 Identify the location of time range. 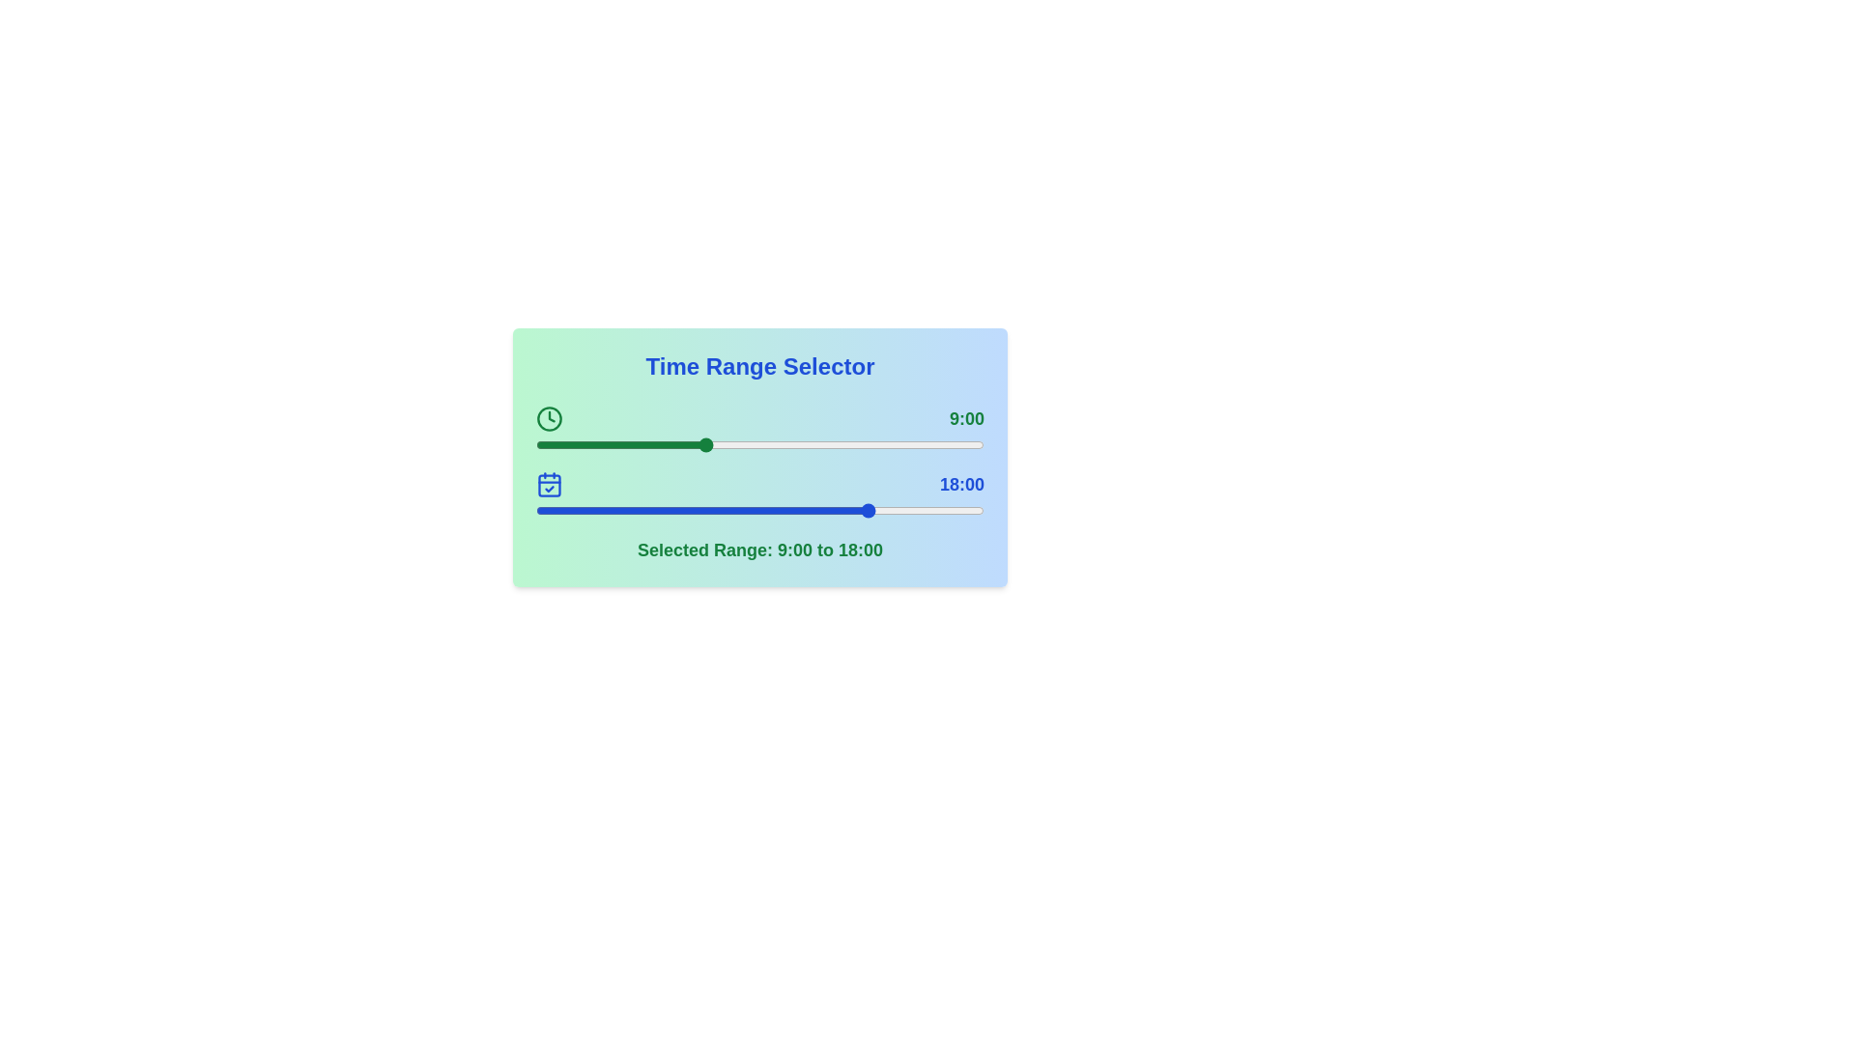
(740, 509).